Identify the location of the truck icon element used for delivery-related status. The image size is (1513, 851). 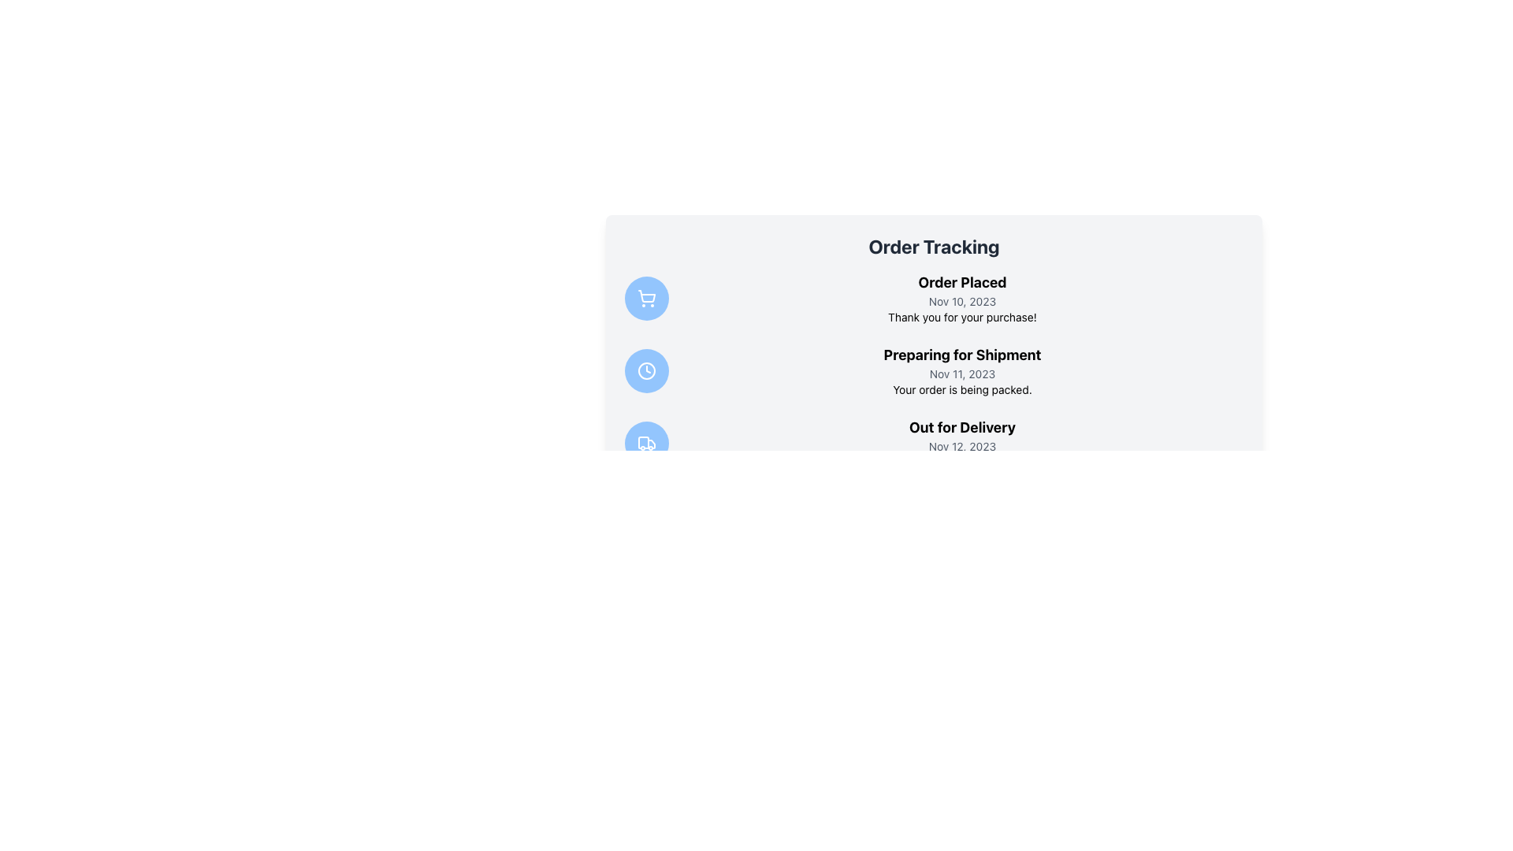
(643, 443).